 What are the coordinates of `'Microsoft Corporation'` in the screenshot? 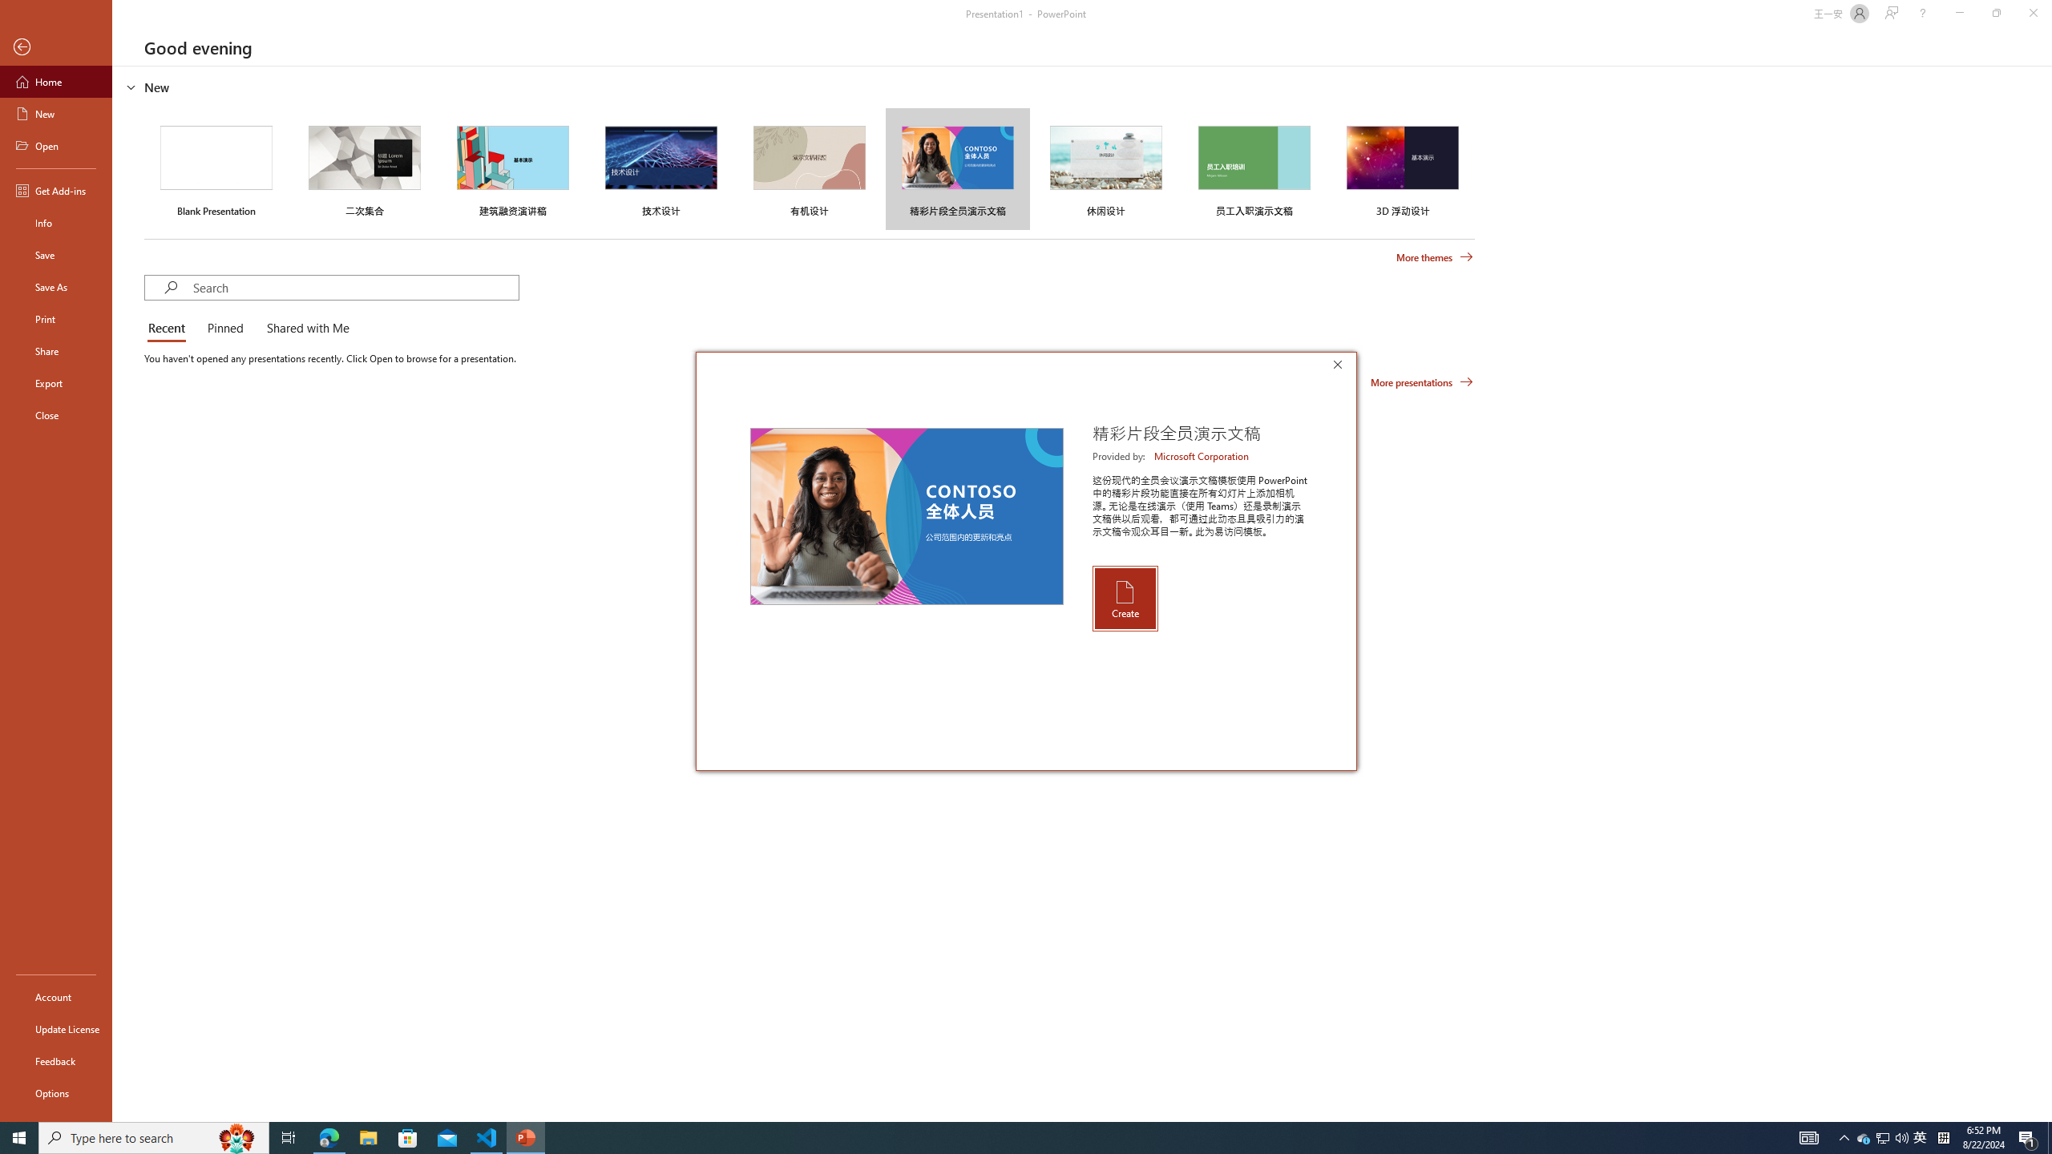 It's located at (1202, 455).